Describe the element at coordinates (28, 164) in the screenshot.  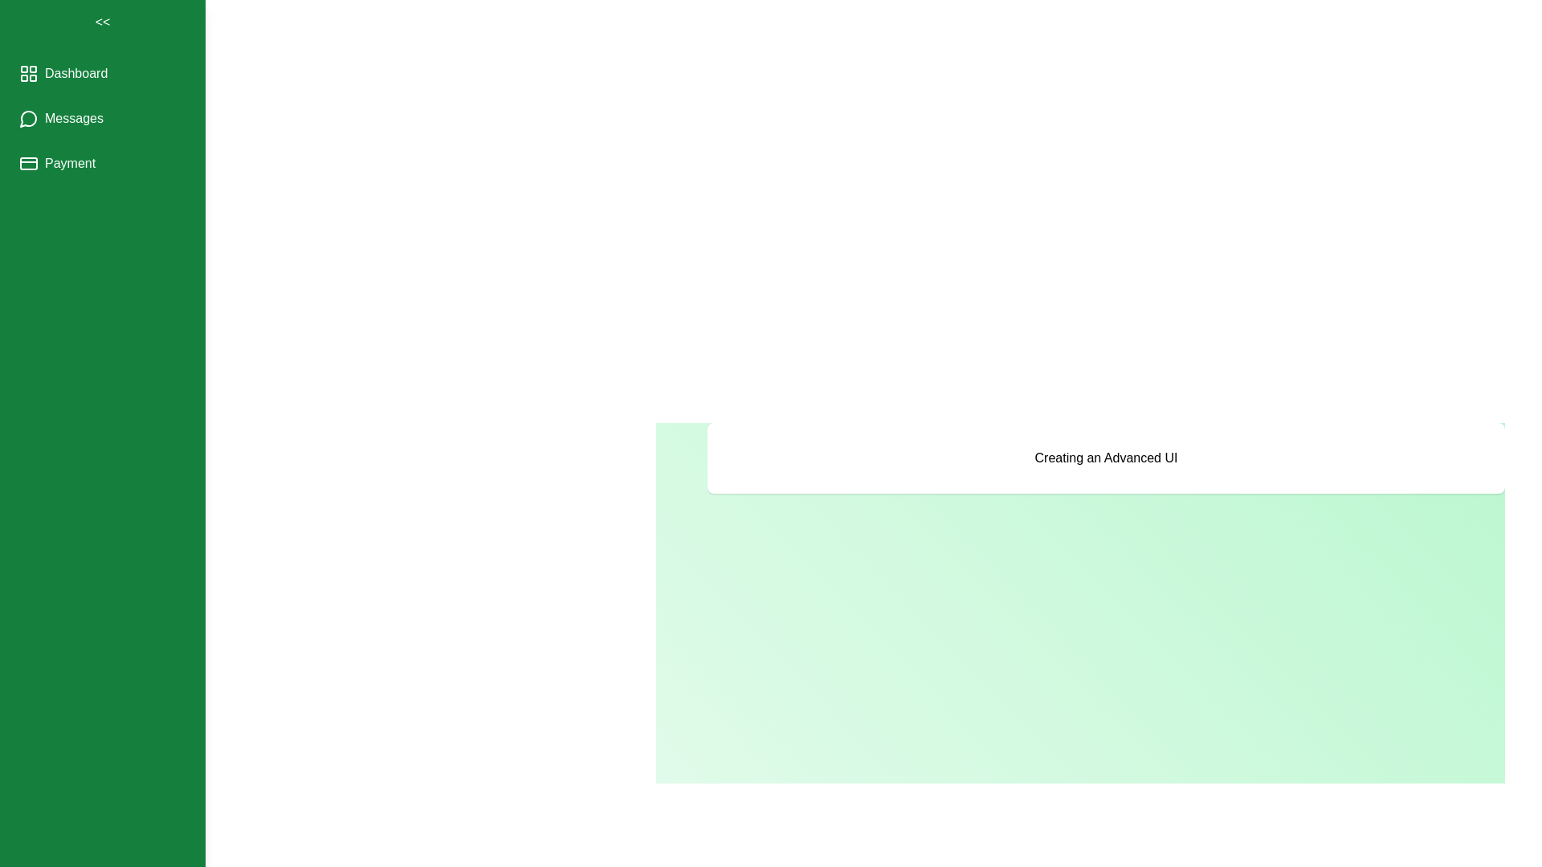
I see `the minimalist line-art credit card icon located at the top-left side of the interface to interact with the 'Payment' section` at that location.